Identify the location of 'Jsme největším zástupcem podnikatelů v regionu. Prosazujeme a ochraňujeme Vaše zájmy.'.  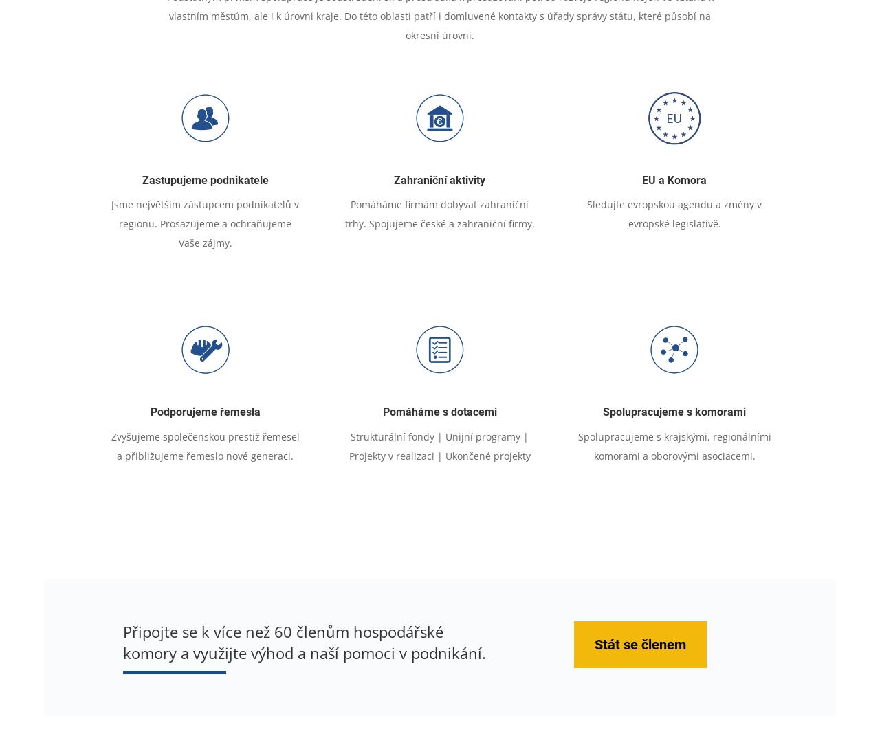
(204, 223).